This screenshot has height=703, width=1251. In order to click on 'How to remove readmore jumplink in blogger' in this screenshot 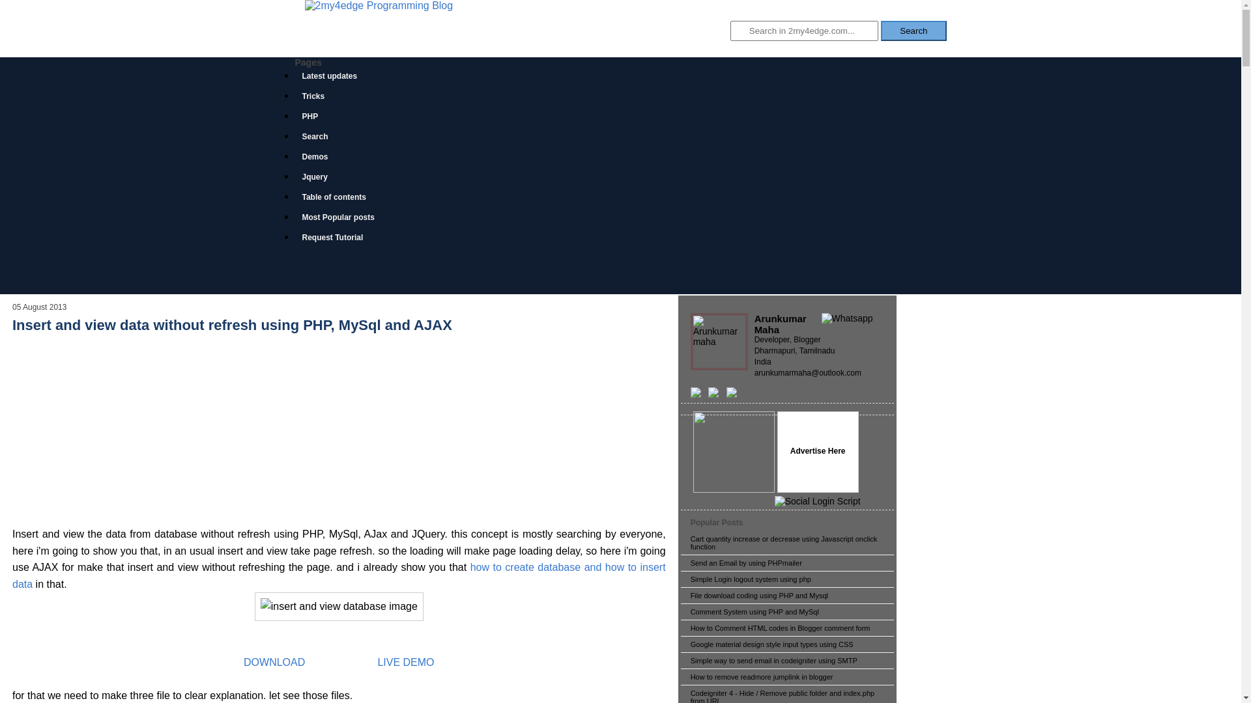, I will do `click(762, 676)`.